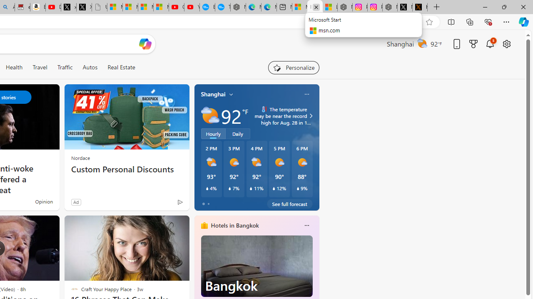  I want to click on 'hotels-header-icon', so click(204, 225).